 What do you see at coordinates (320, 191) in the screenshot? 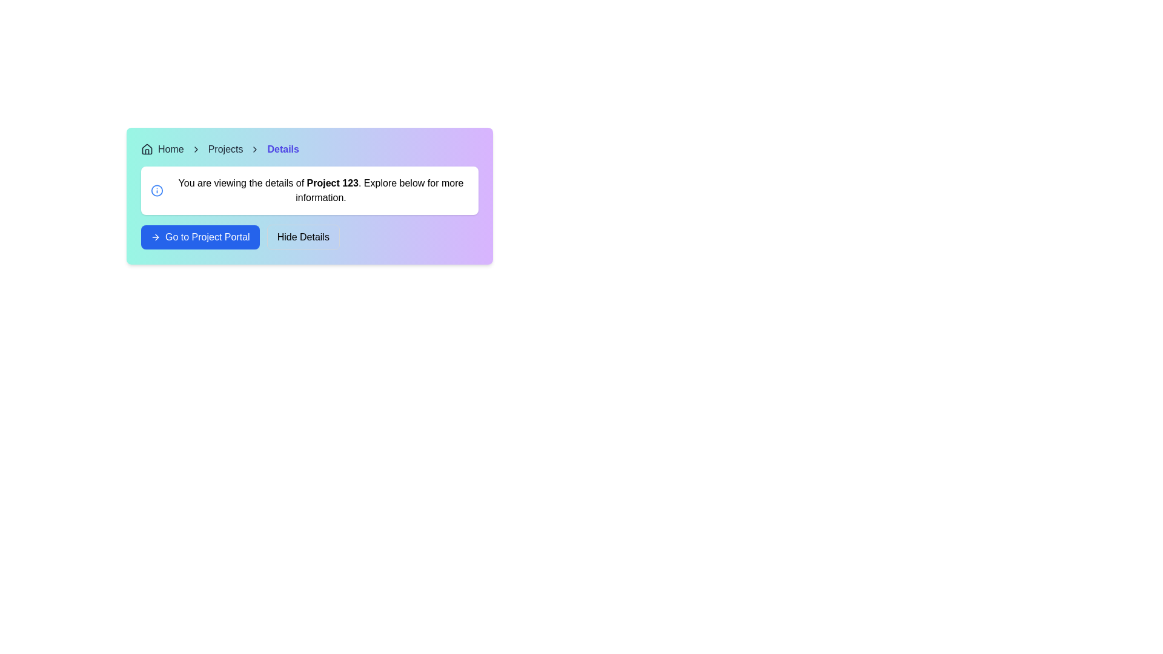
I see `contextual information provided by the text block summarizing 'Project 123', which is centrally located below the breadcrumb navigation bar and above the 'Go to Project Portal' button` at bounding box center [320, 191].